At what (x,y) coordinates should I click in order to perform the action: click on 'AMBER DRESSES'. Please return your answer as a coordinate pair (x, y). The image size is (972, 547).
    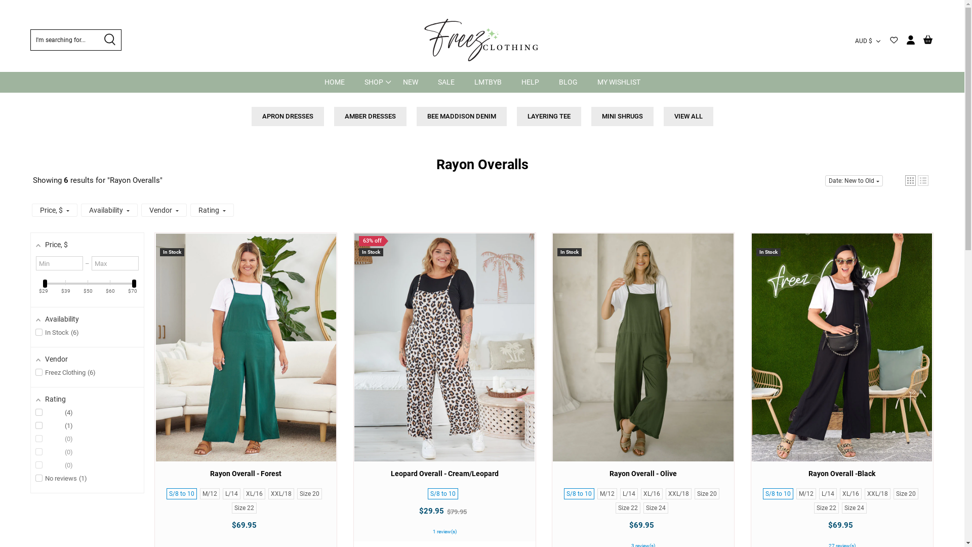
    Looking at the image, I should click on (370, 116).